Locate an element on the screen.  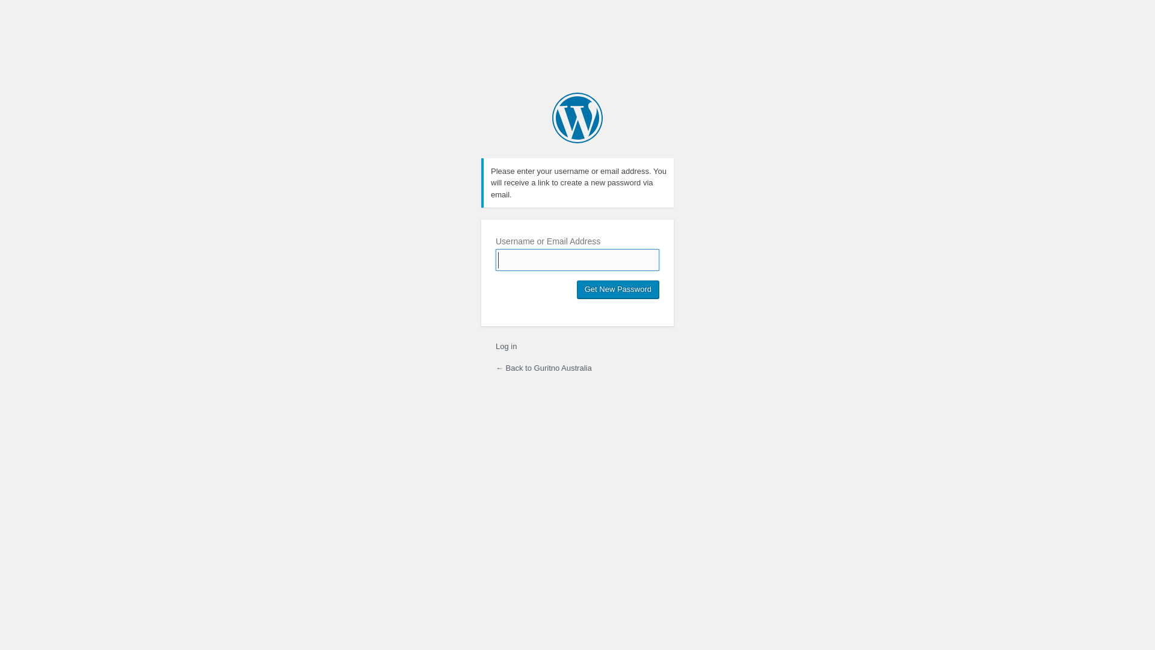
'Guritno Australia' is located at coordinates (551, 118).